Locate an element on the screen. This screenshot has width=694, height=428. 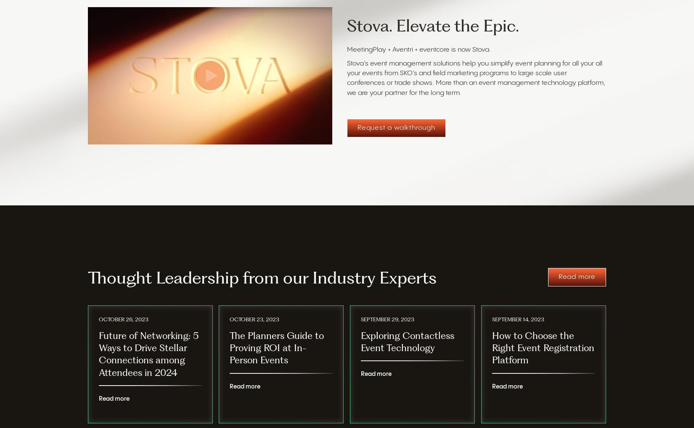
'MeetingPlay + Aventri + eventcore is now Stova.' is located at coordinates (347, 50).